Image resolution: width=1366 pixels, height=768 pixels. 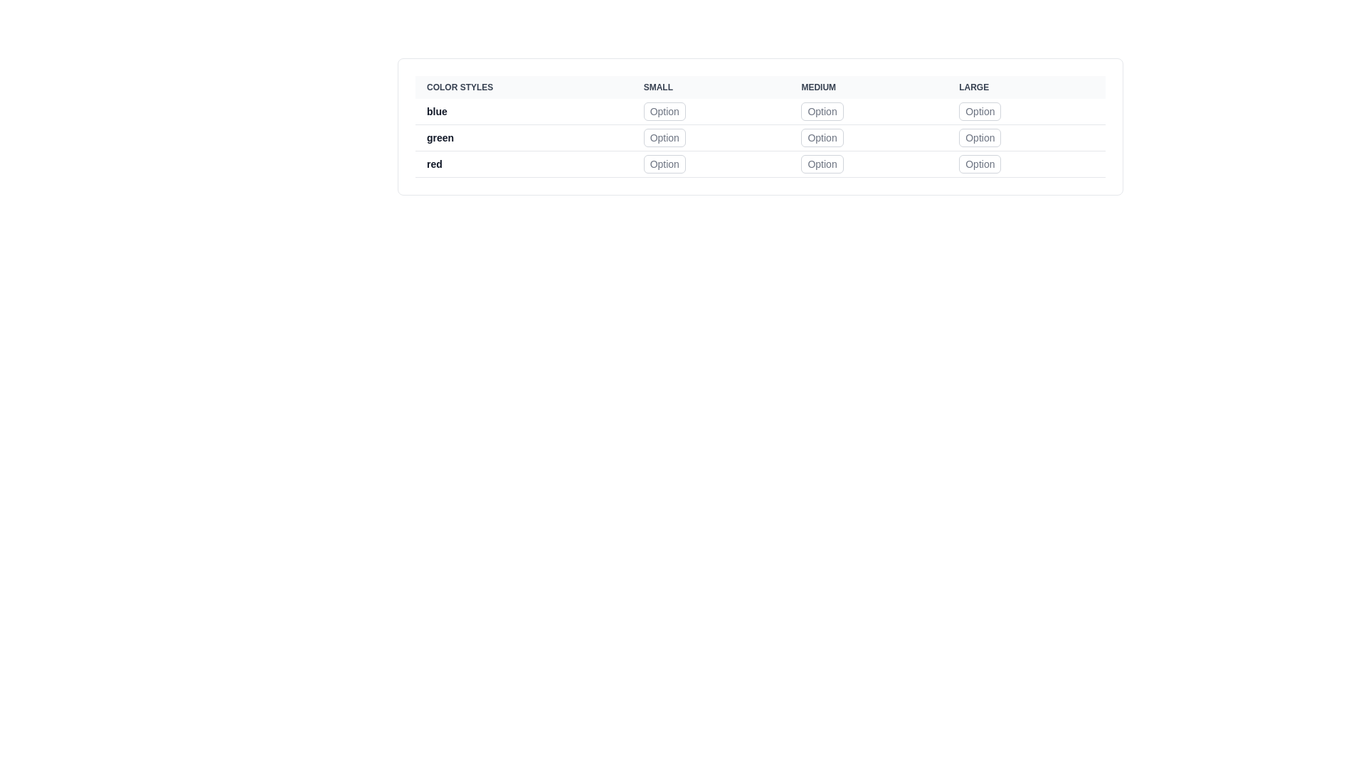 What do you see at coordinates (822, 111) in the screenshot?
I see `the rectangular button with rounded corners labeled 'Option' in the 'Medium' column of the table under the 'blue' category` at bounding box center [822, 111].